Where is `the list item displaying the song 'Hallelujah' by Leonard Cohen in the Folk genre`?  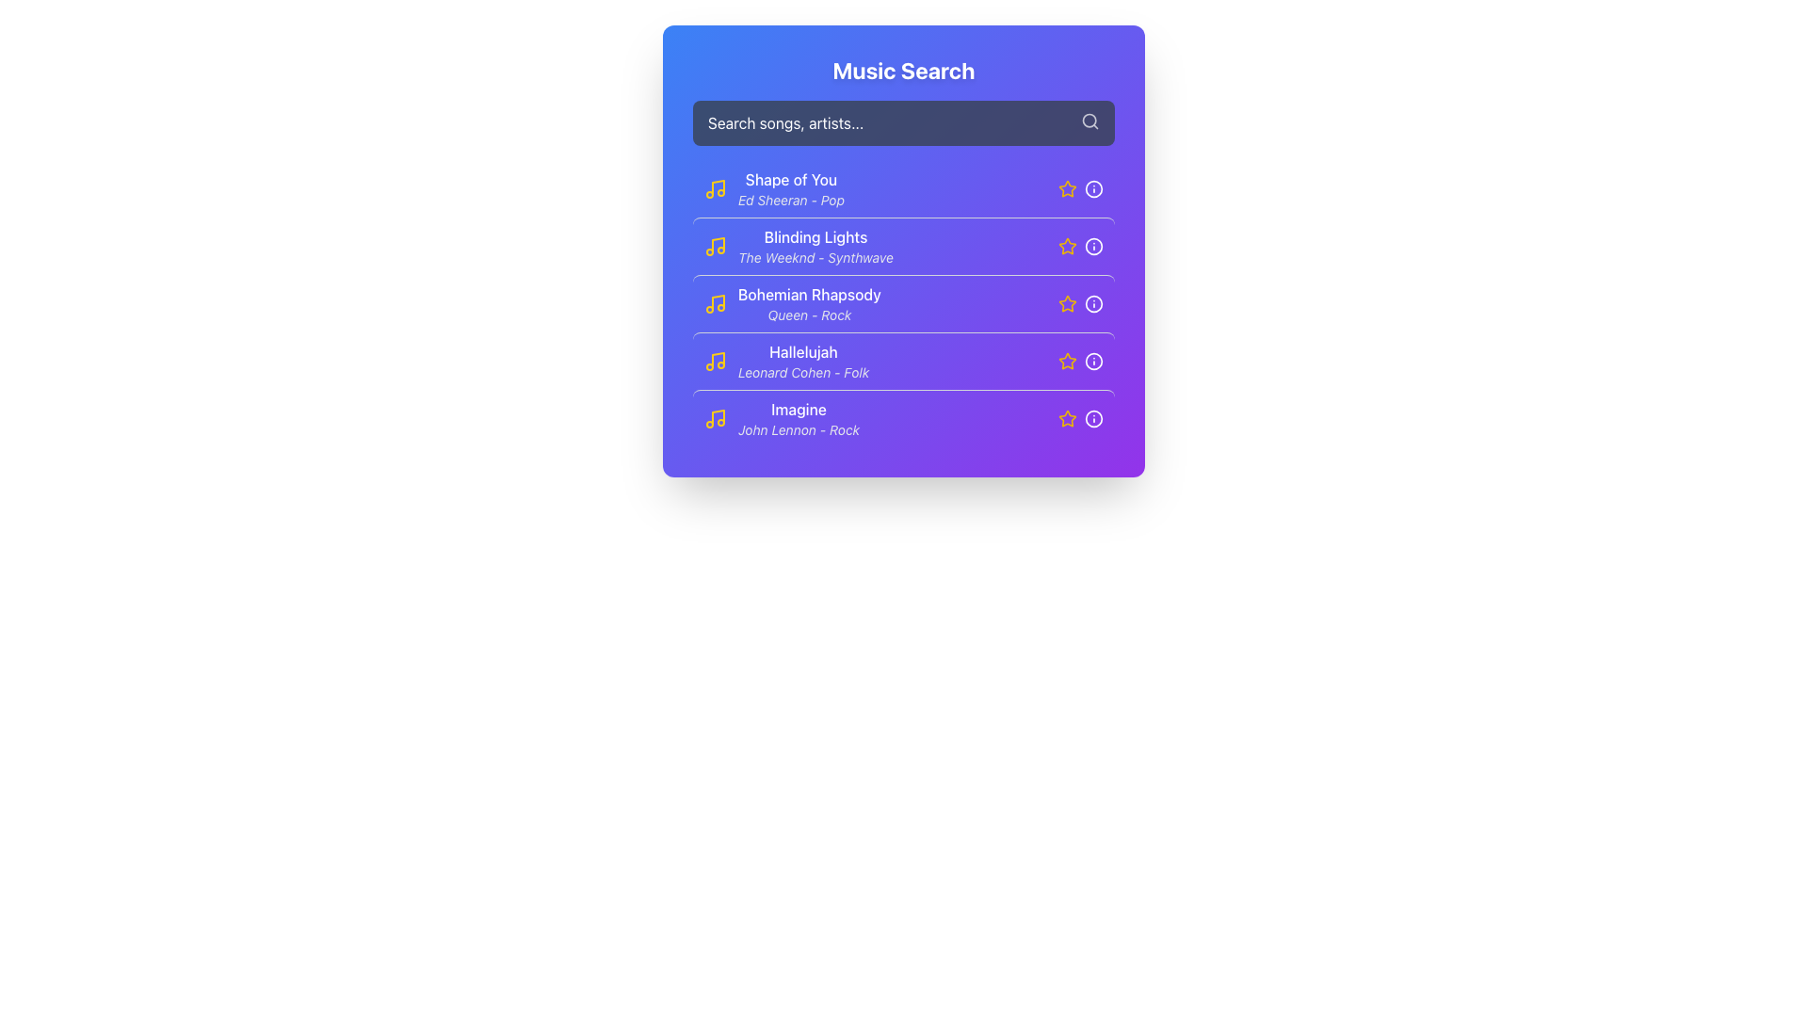
the list item displaying the song 'Hallelujah' by Leonard Cohen in the Folk genre is located at coordinates (803, 362).